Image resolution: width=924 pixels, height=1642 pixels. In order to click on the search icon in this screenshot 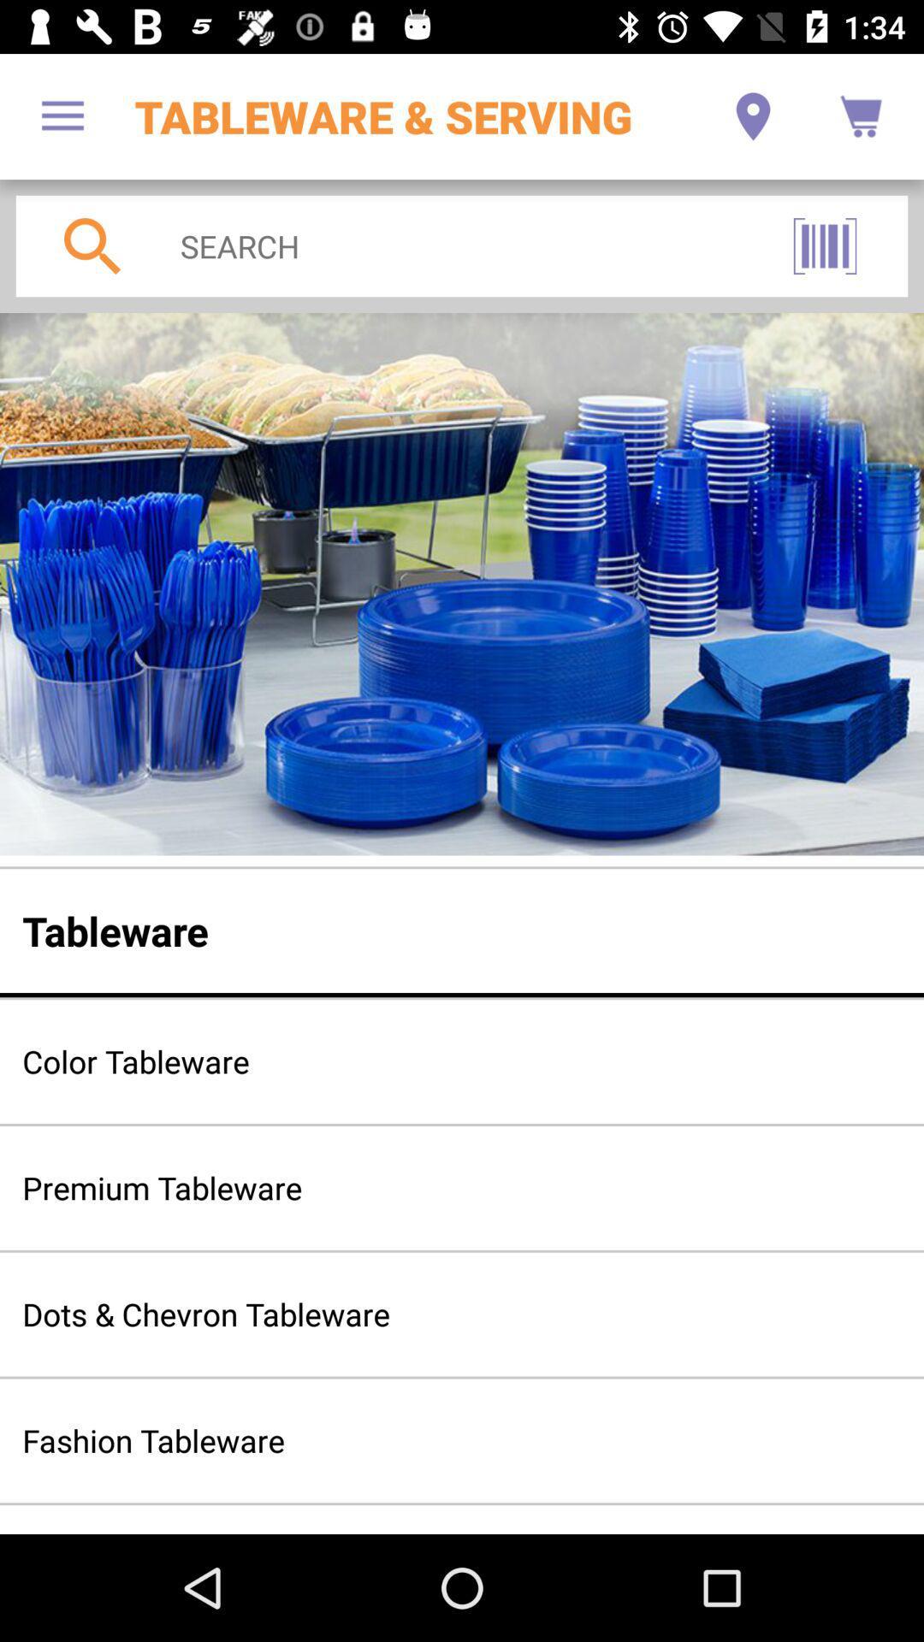, I will do `click(92, 245)`.